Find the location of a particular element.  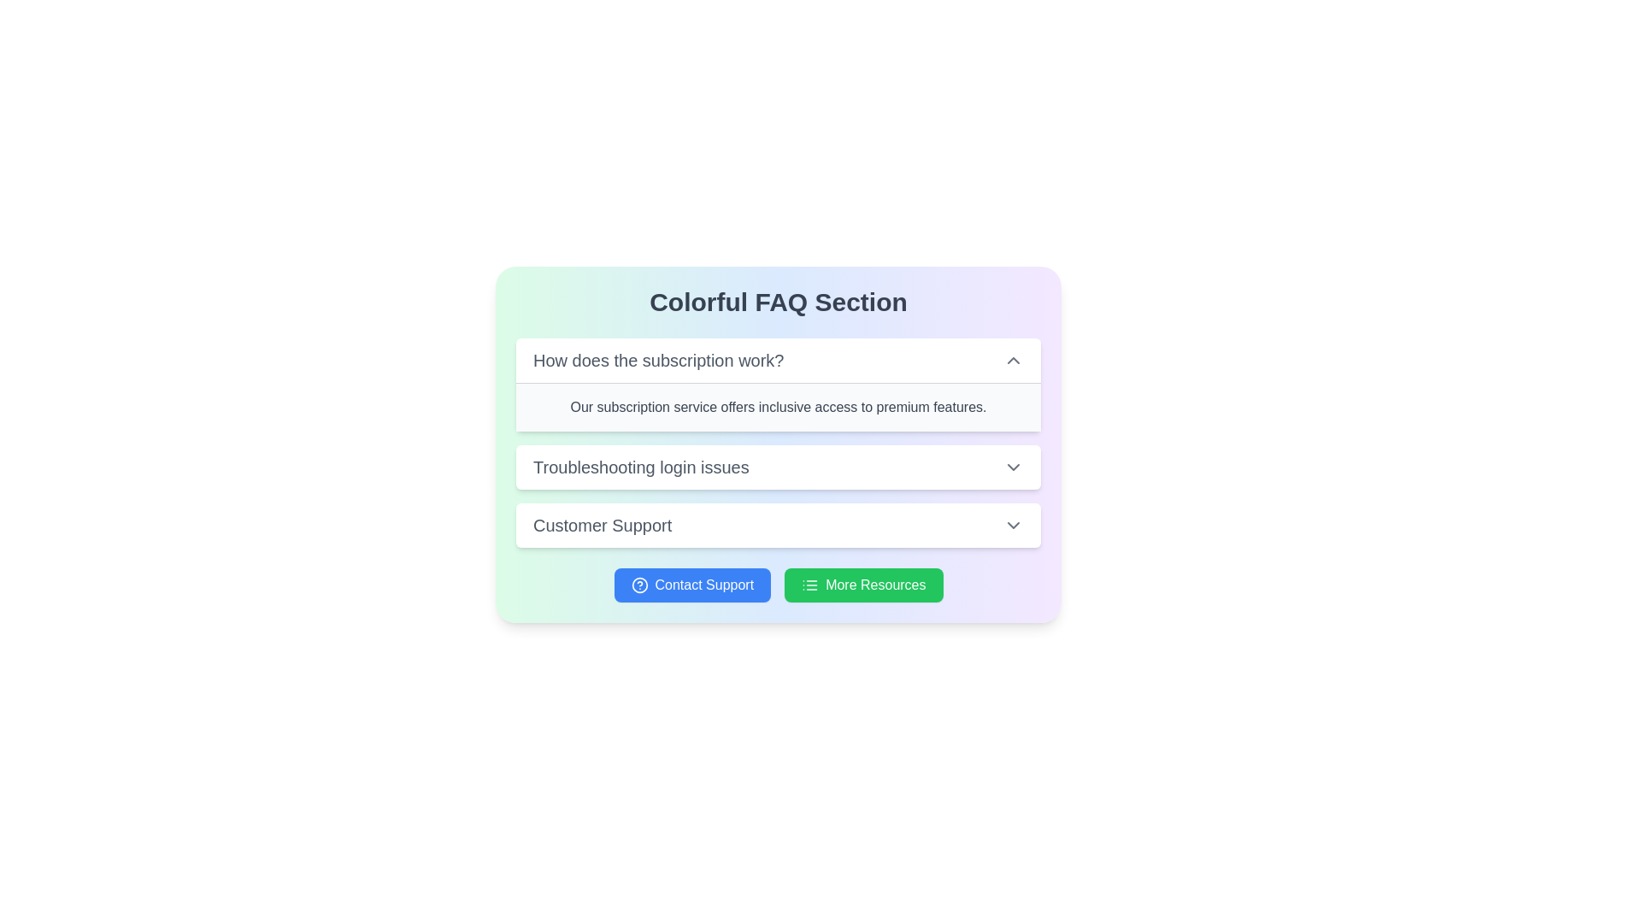

the leftmost button at the bottom center of the interface is located at coordinates (692, 585).